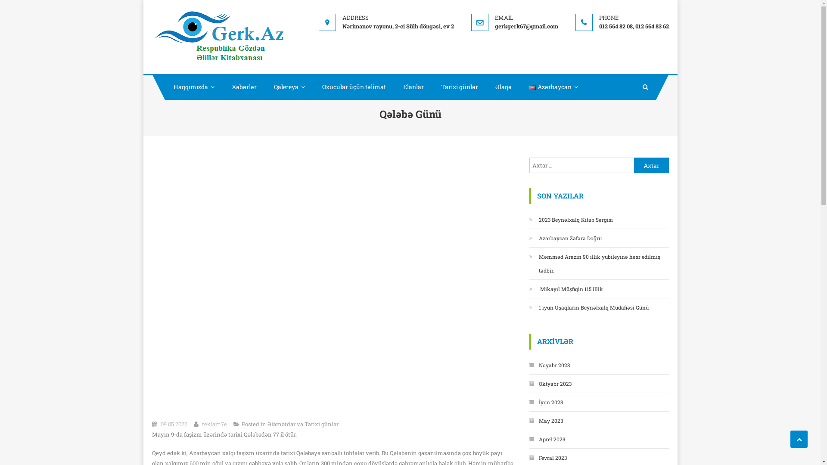 The image size is (827, 465). What do you see at coordinates (545, 420) in the screenshot?
I see `'May 2023'` at bounding box center [545, 420].